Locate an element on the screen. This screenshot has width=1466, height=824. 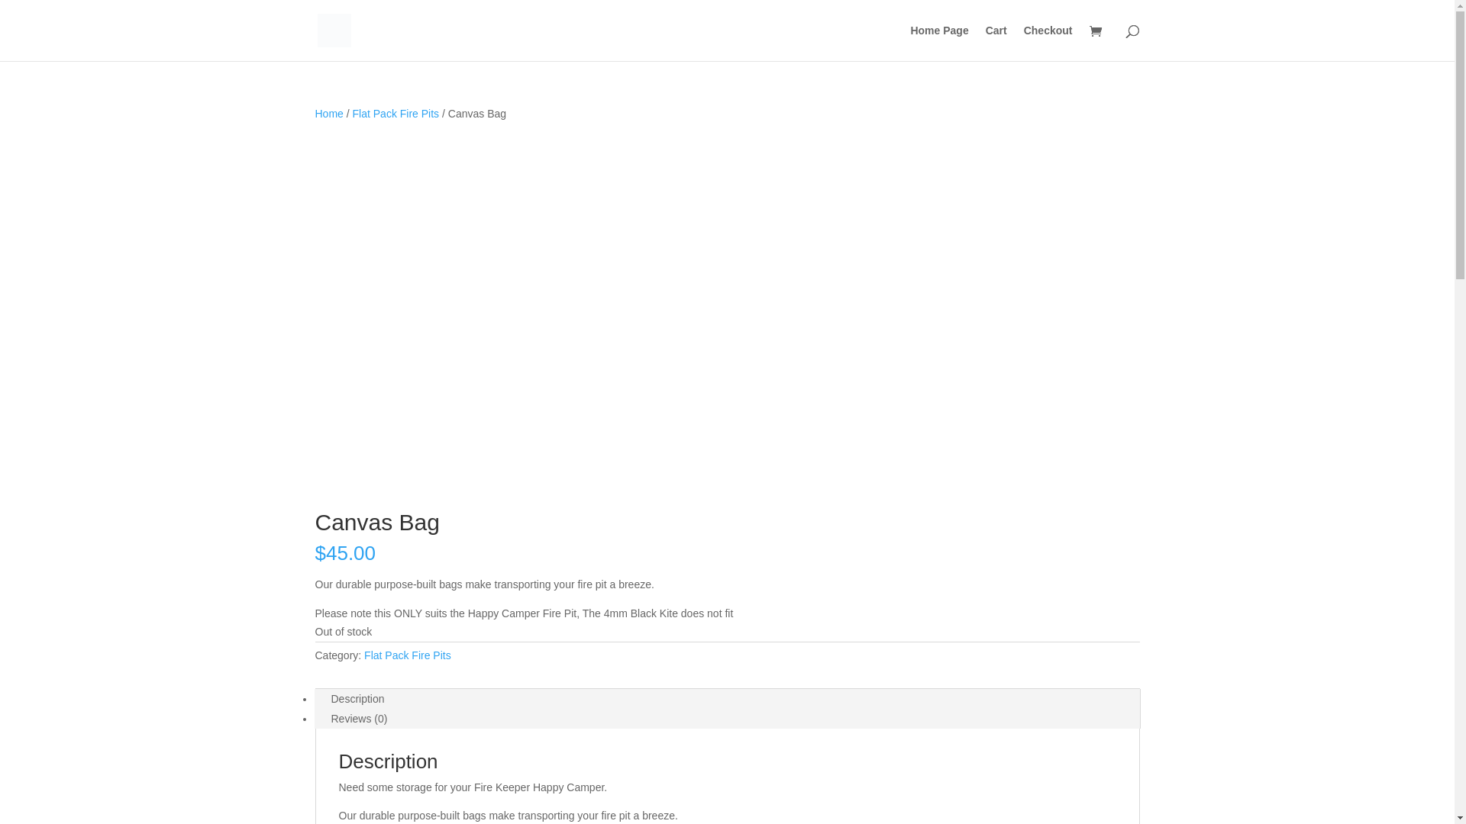
'Checkout' is located at coordinates (1023, 42).